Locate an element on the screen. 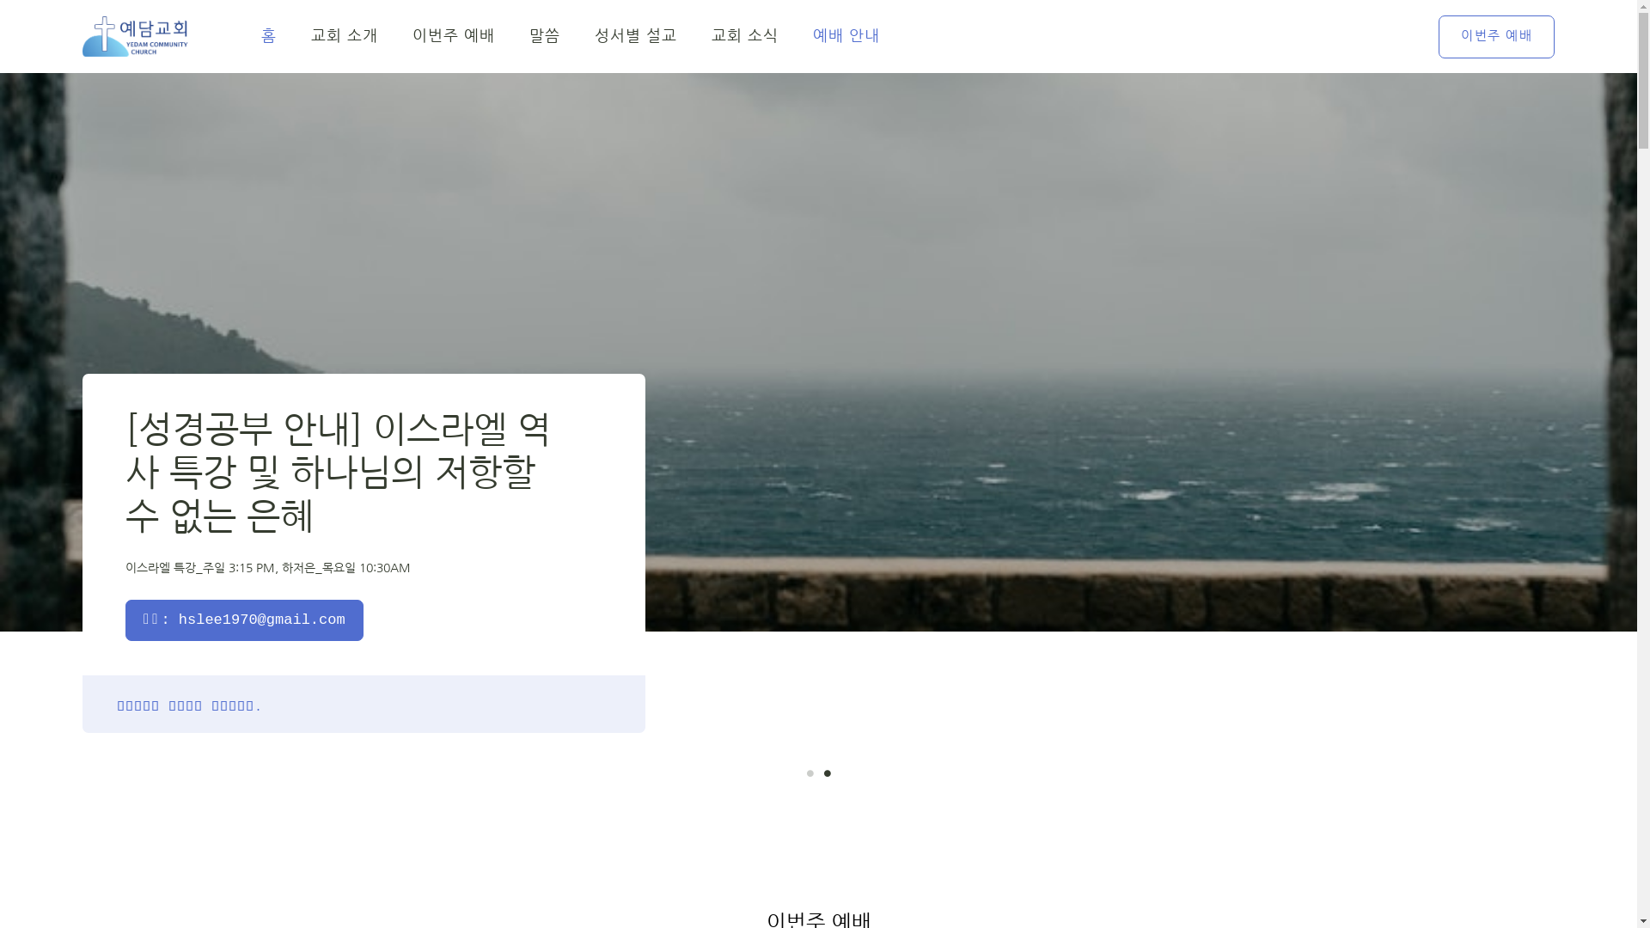 The height and width of the screenshot is (928, 1650). '2' is located at coordinates (826, 772).